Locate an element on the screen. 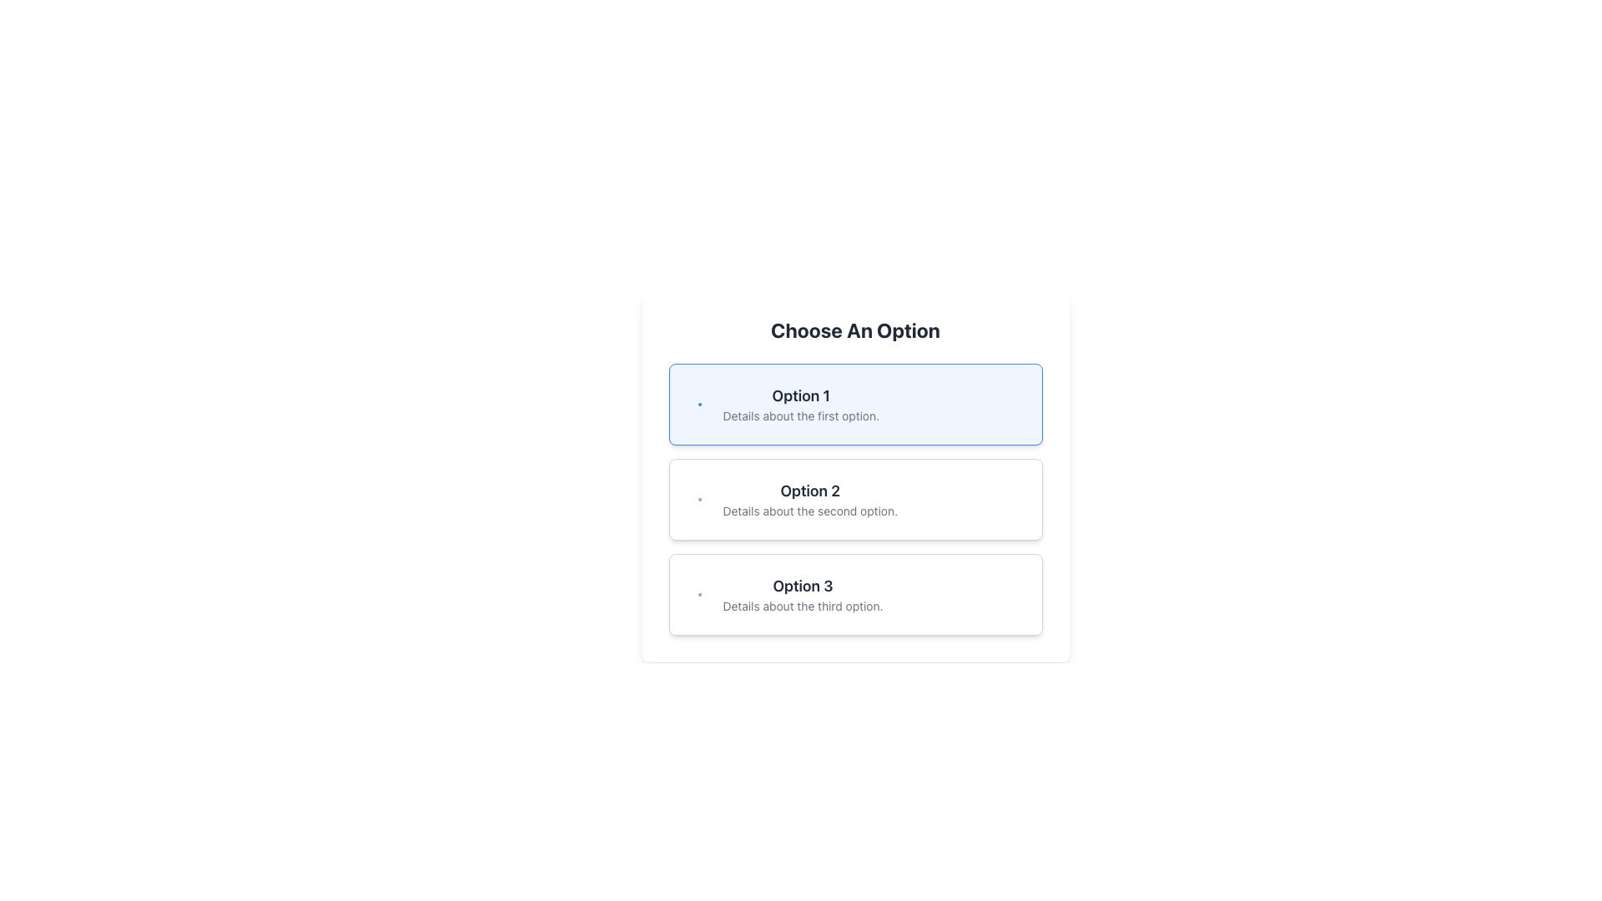 This screenshot has width=1602, height=901. bolded text label displaying 'Option 2' located at the top of the second group of options in the vertical menu layout is located at coordinates (810, 491).